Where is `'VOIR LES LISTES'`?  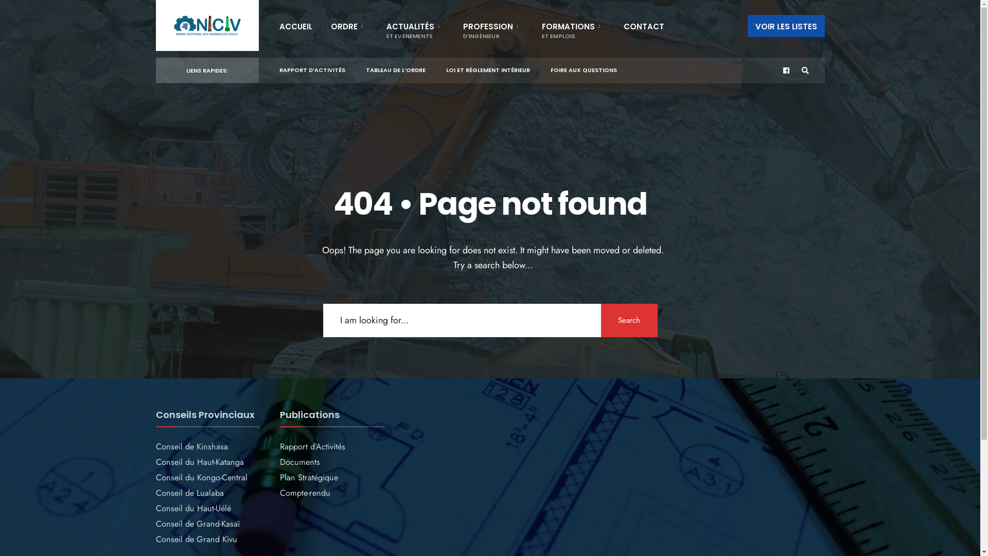 'VOIR LES LISTES' is located at coordinates (747, 25).